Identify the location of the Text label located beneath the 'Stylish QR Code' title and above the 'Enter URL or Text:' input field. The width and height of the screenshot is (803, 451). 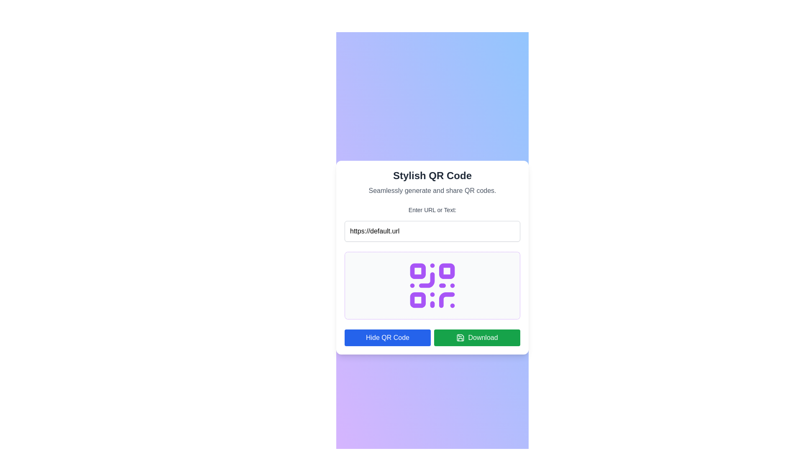
(432, 190).